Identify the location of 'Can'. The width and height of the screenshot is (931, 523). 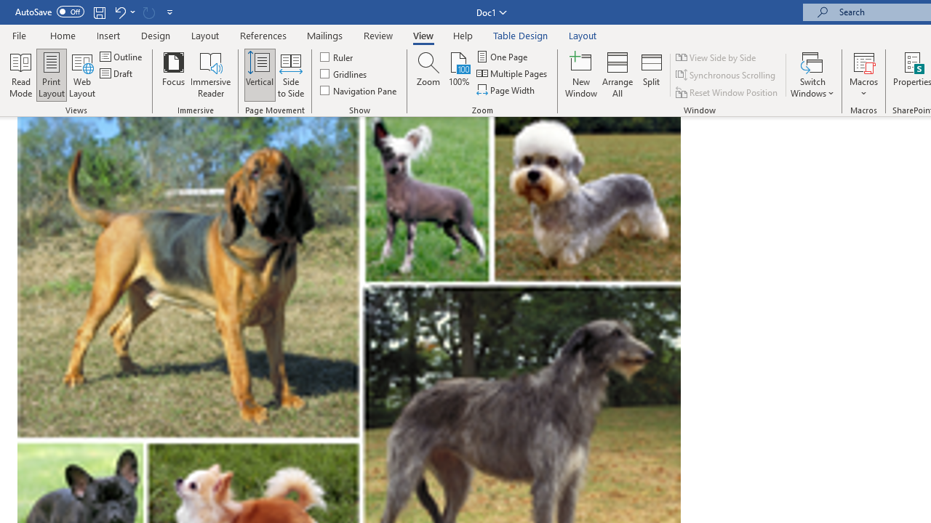
(148, 12).